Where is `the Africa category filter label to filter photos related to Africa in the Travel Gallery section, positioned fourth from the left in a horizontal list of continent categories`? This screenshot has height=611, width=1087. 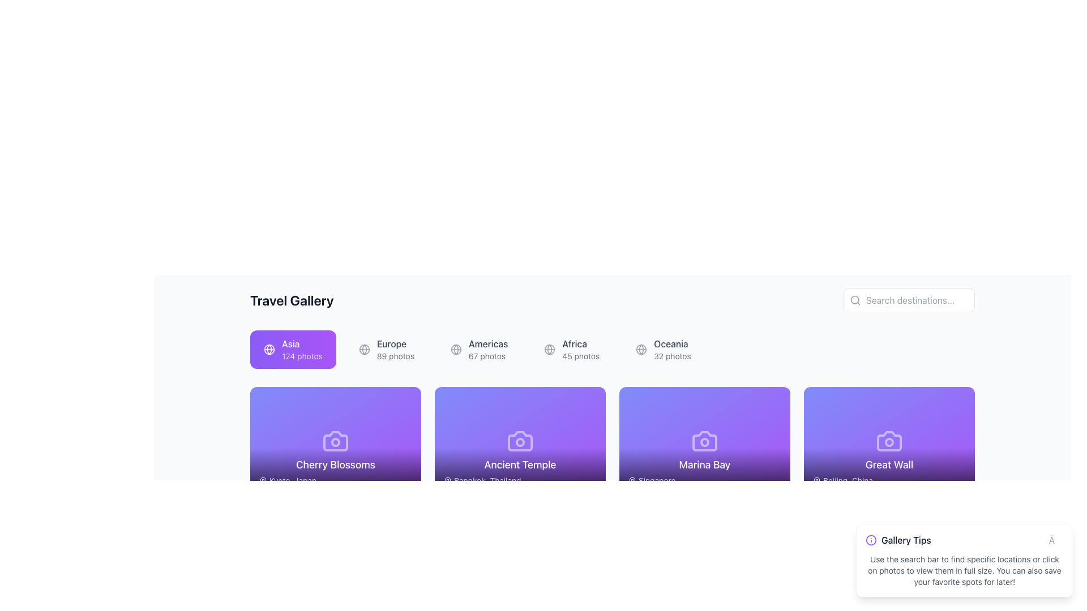 the Africa category filter label to filter photos related to Africa in the Travel Gallery section, positioned fourth from the left in a horizontal list of continent categories is located at coordinates (581, 348).